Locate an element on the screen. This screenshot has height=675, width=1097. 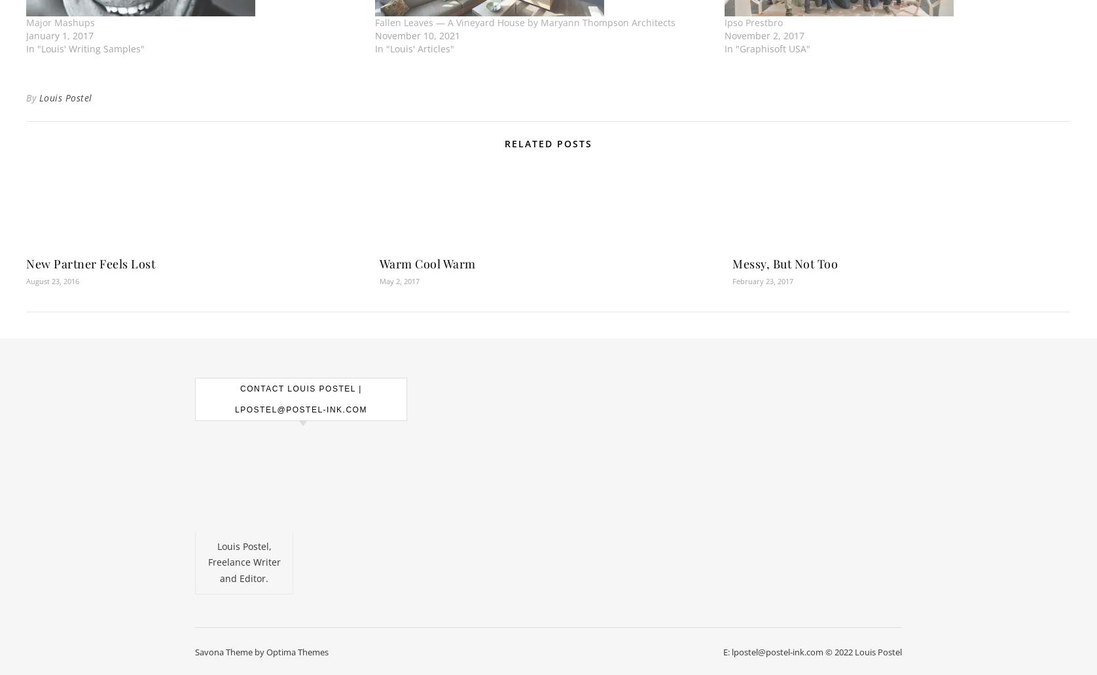
'Warm Cool Warm' is located at coordinates (426, 263).